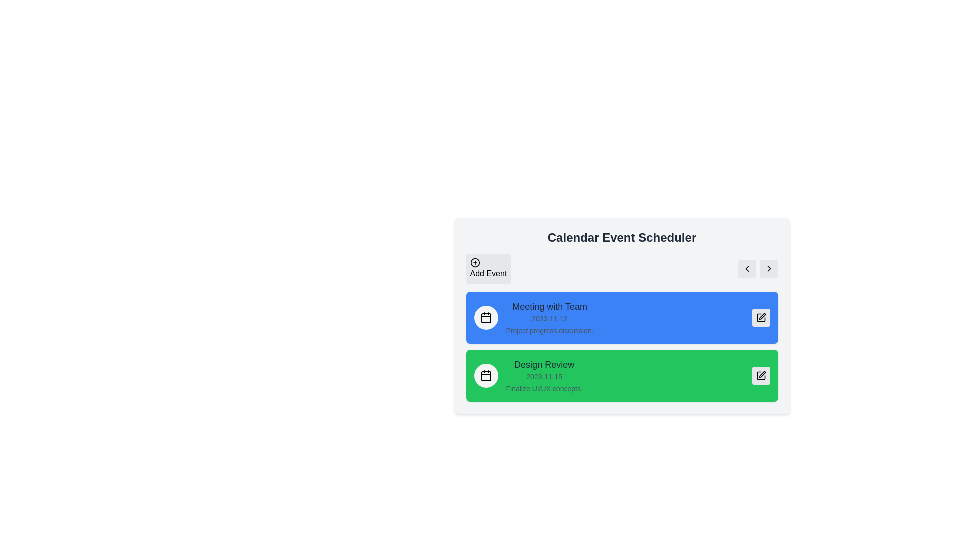 This screenshot has width=960, height=540. What do you see at coordinates (760, 376) in the screenshot?
I see `the edit button located in the bottom-right corner of the green 'Design Review' event card` at bounding box center [760, 376].